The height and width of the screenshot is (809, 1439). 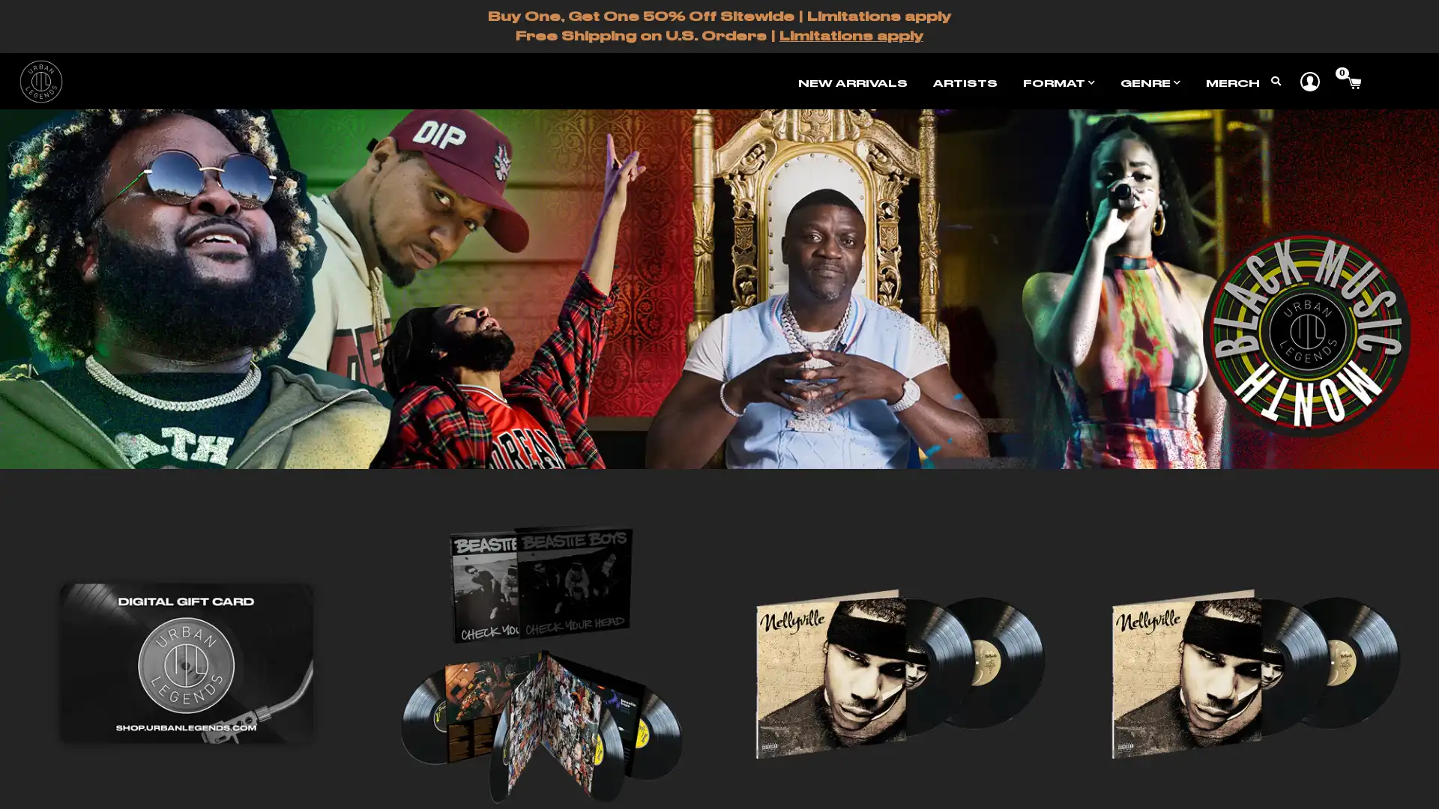 What do you see at coordinates (720, 265) in the screenshot?
I see `SIGN UP` at bounding box center [720, 265].